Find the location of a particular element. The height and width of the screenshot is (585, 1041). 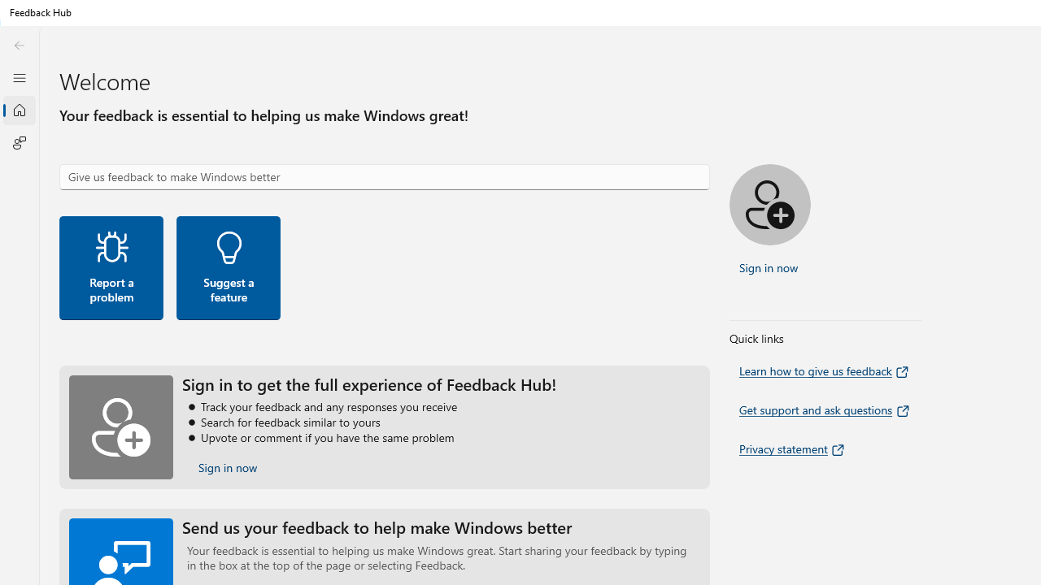

'Give us feedback to make Windows better' is located at coordinates (383, 177).